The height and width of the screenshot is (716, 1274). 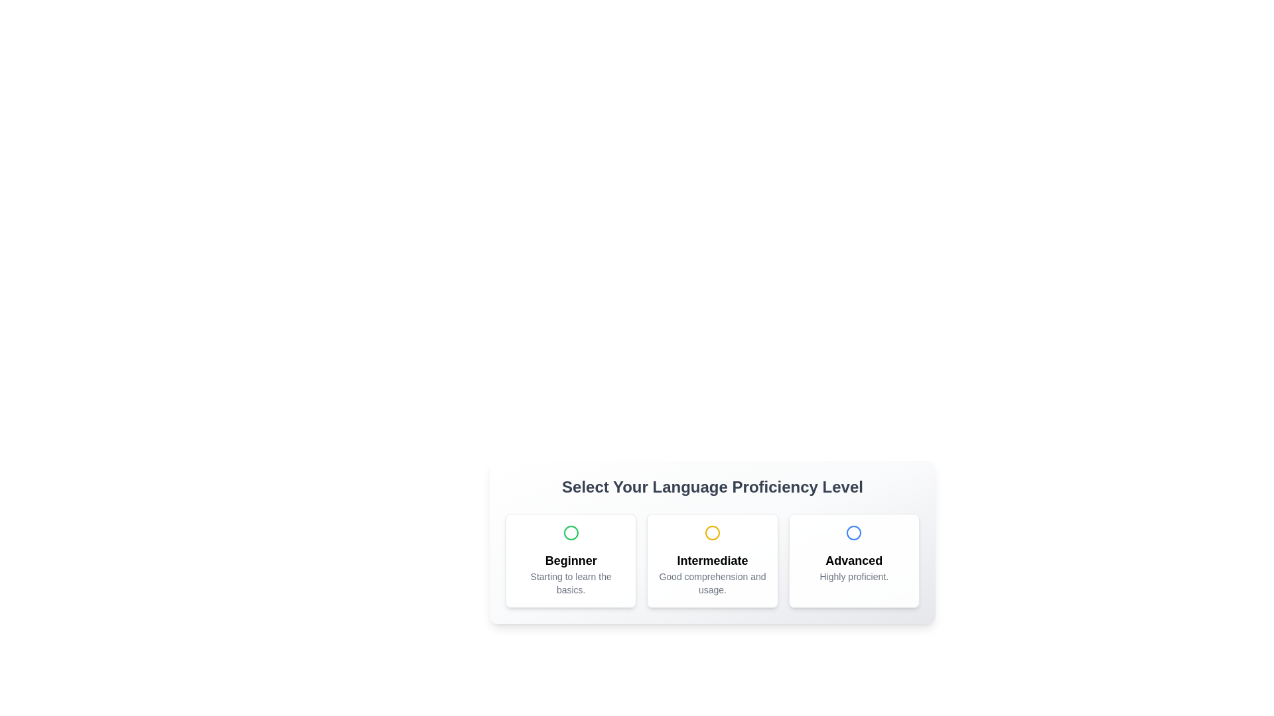 I want to click on the Decorative icon, a circular shape with a blue outline and a white center, located in the bottom-right area of the display, representing the 'Advanced' proficiency level, so click(x=854, y=532).